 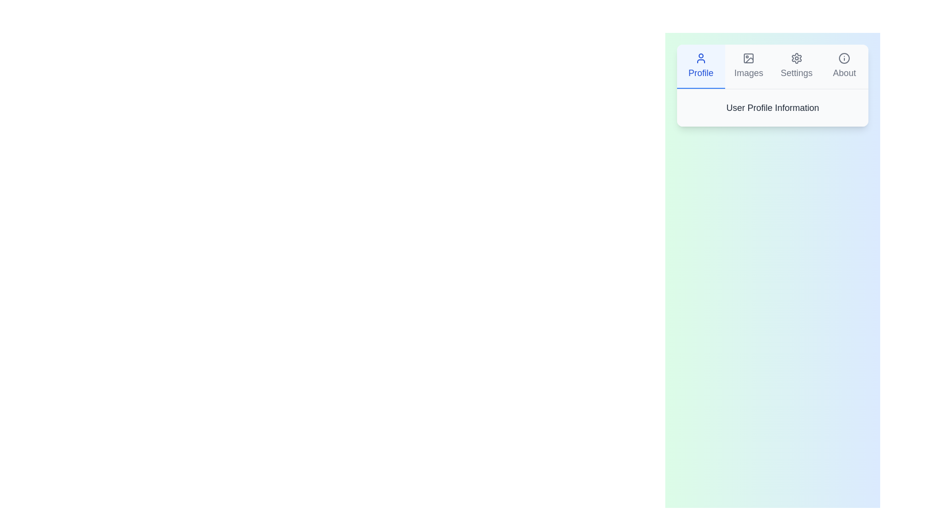 I want to click on the tab labeled Profile, so click(x=700, y=66).